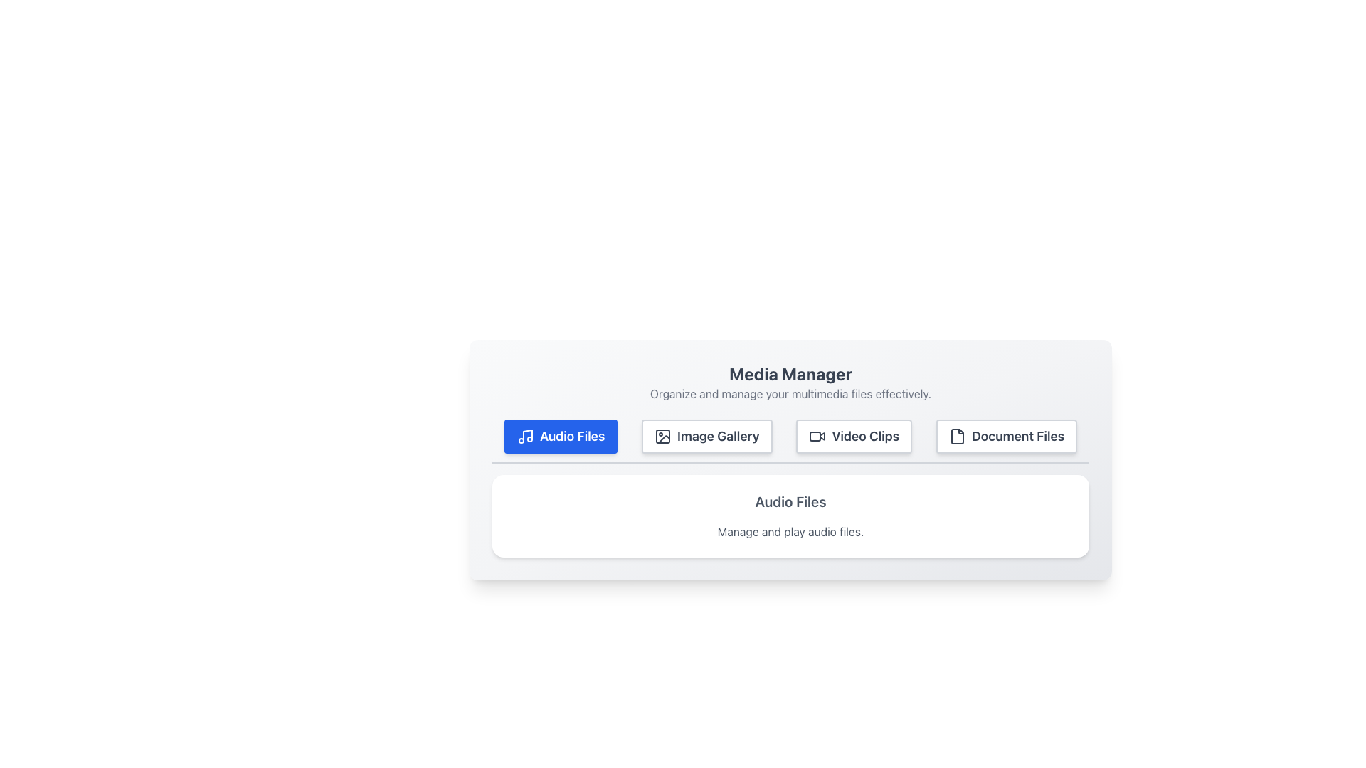 Image resolution: width=1366 pixels, height=768 pixels. I want to click on the 'Audio Files' button, which is a rectangular button with a blue background and white text, located at the far left of the media management options, so click(560, 435).